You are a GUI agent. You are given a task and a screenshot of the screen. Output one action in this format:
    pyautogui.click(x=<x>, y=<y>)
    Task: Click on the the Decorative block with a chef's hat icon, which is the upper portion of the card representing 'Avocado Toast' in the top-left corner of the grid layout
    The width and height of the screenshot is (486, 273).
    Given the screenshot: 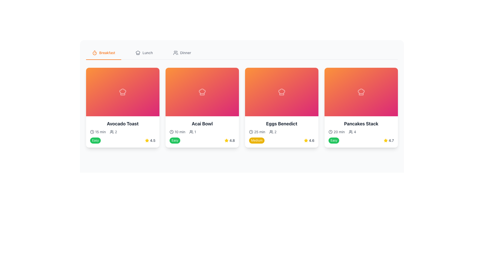 What is the action you would take?
    pyautogui.click(x=123, y=92)
    